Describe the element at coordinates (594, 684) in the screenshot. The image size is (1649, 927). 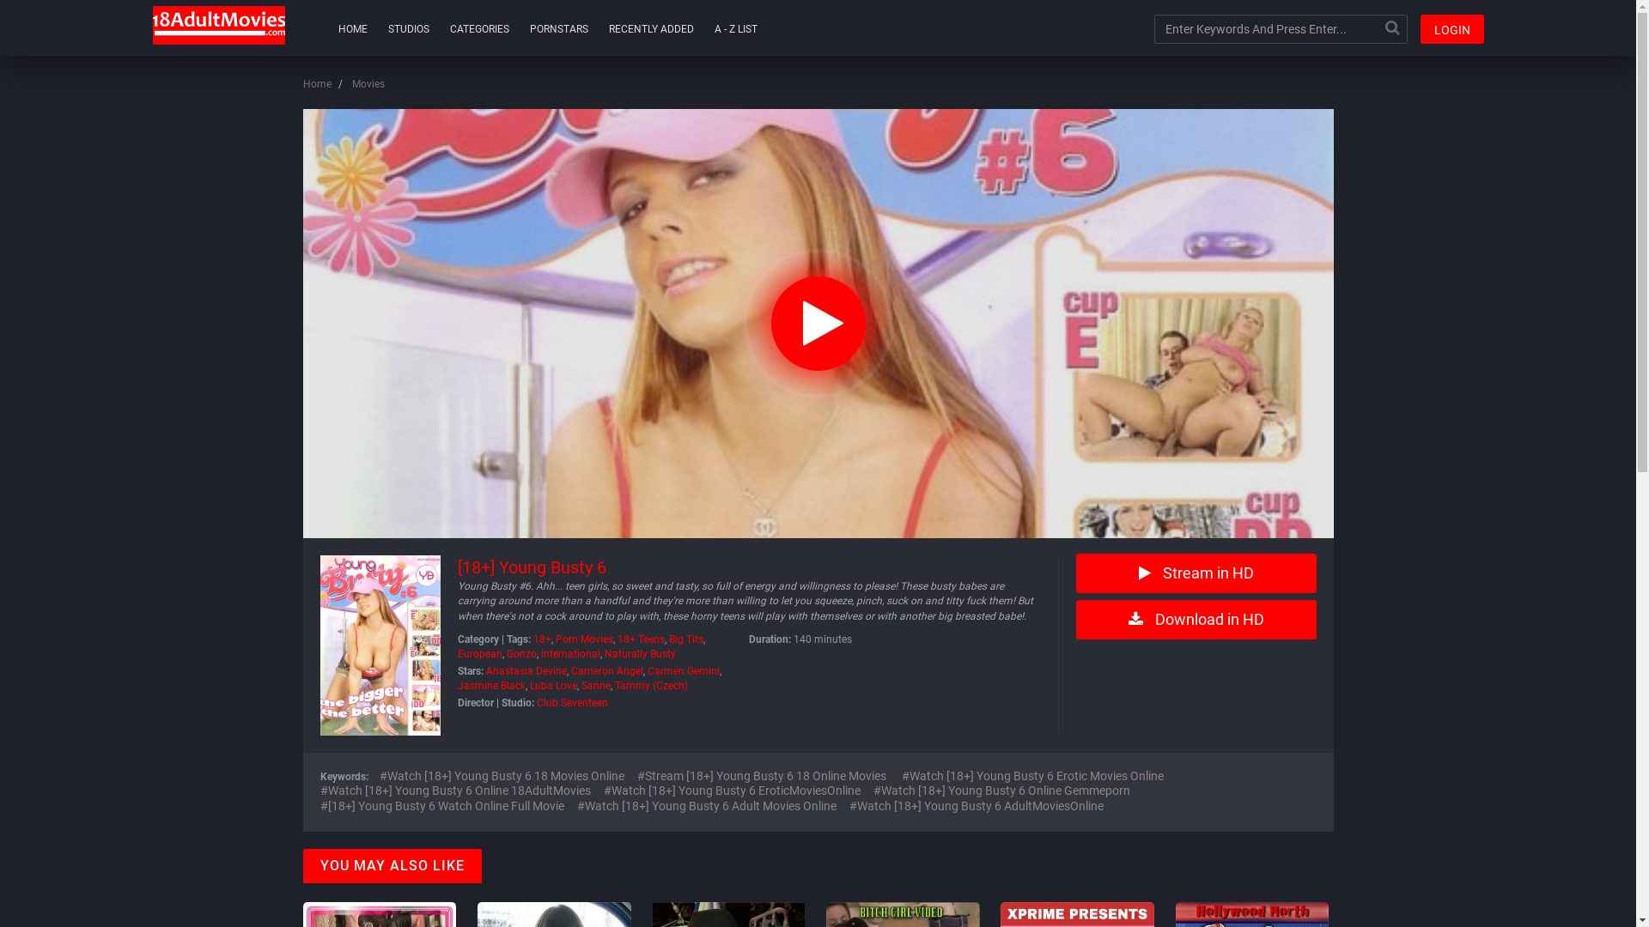
I see `'Sanne'` at that location.